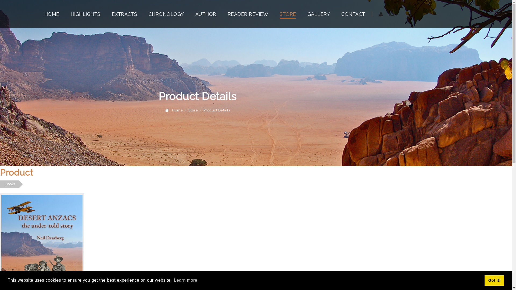  I want to click on 'Store', so click(193, 110).